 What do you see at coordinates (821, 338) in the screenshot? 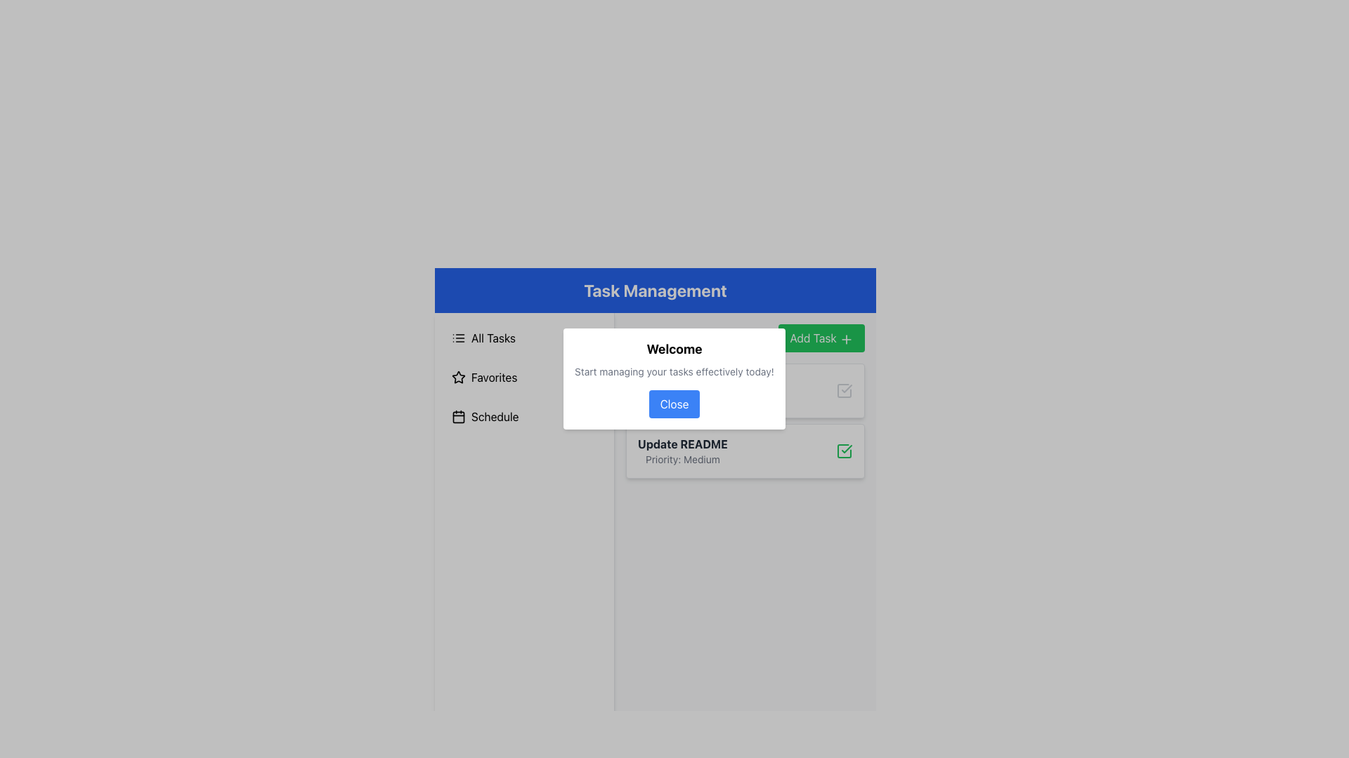
I see `the 'Add Task' button located at the top right of the 'Your Tasks' section` at bounding box center [821, 338].